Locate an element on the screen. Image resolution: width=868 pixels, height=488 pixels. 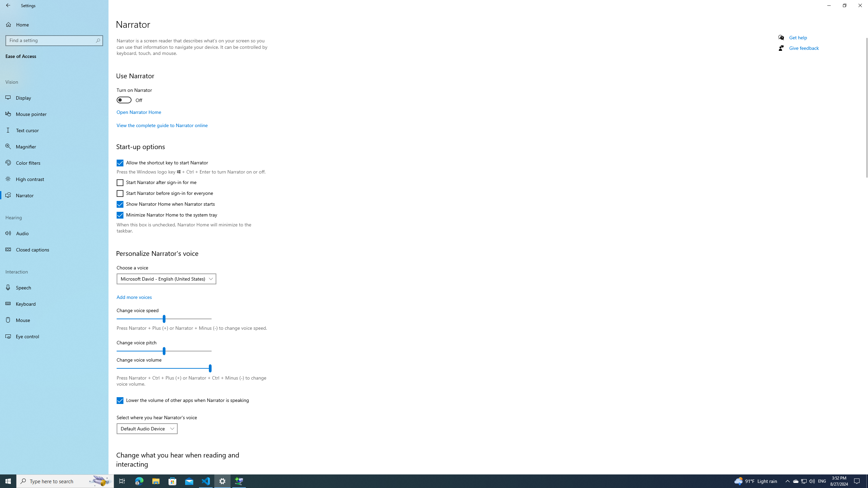
'Text cursor' is located at coordinates (54, 129).